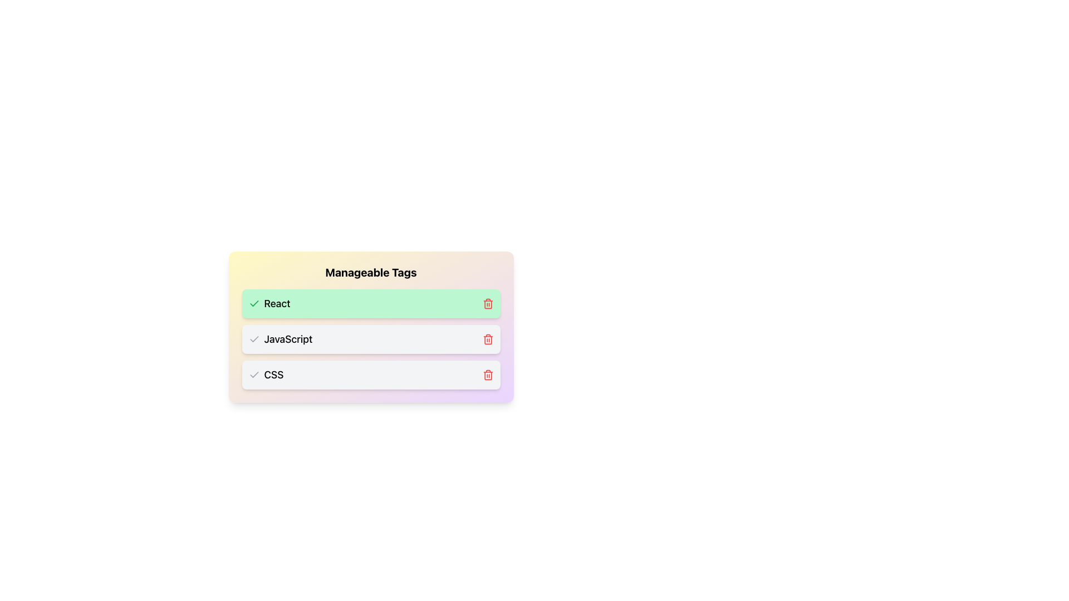 The image size is (1069, 601). I want to click on the checkmark icon of the 'CSS' tag in the third position of the 'Manageable Tags' list, so click(266, 375).